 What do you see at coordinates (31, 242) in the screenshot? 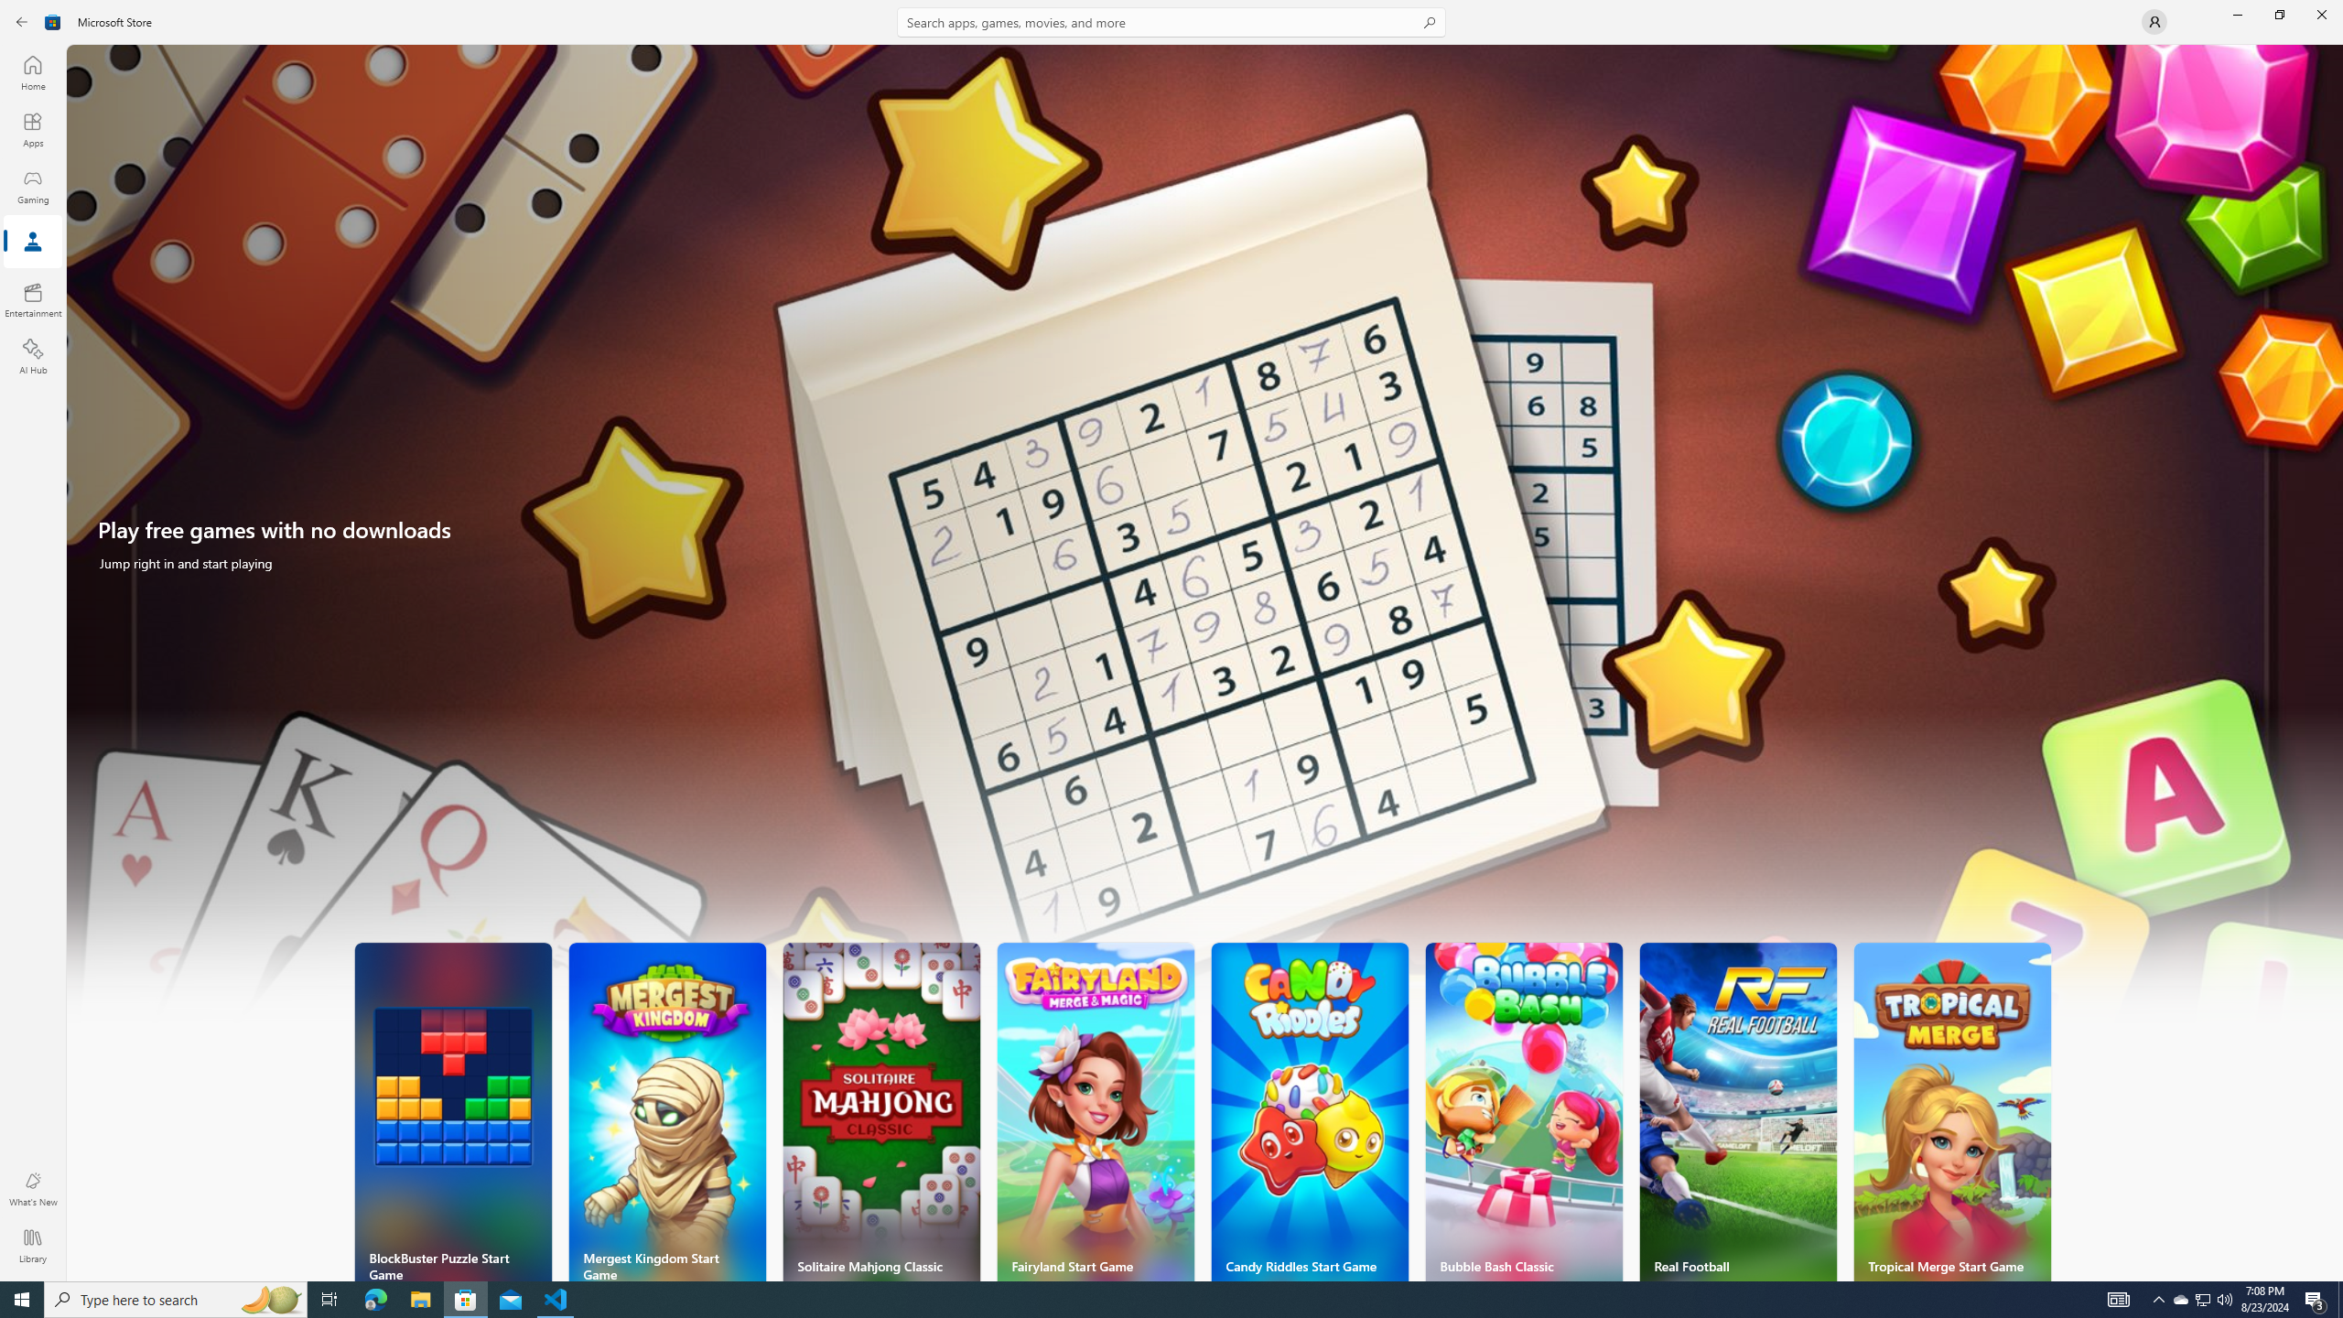
I see `'Arcade'` at bounding box center [31, 242].